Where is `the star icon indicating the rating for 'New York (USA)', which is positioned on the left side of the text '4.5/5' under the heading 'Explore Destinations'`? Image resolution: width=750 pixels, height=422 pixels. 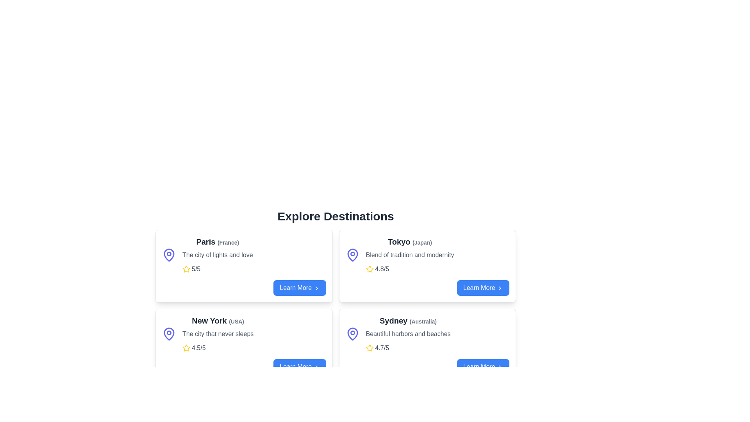 the star icon indicating the rating for 'New York (USA)', which is positioned on the left side of the text '4.5/5' under the heading 'Explore Destinations' is located at coordinates (186, 348).